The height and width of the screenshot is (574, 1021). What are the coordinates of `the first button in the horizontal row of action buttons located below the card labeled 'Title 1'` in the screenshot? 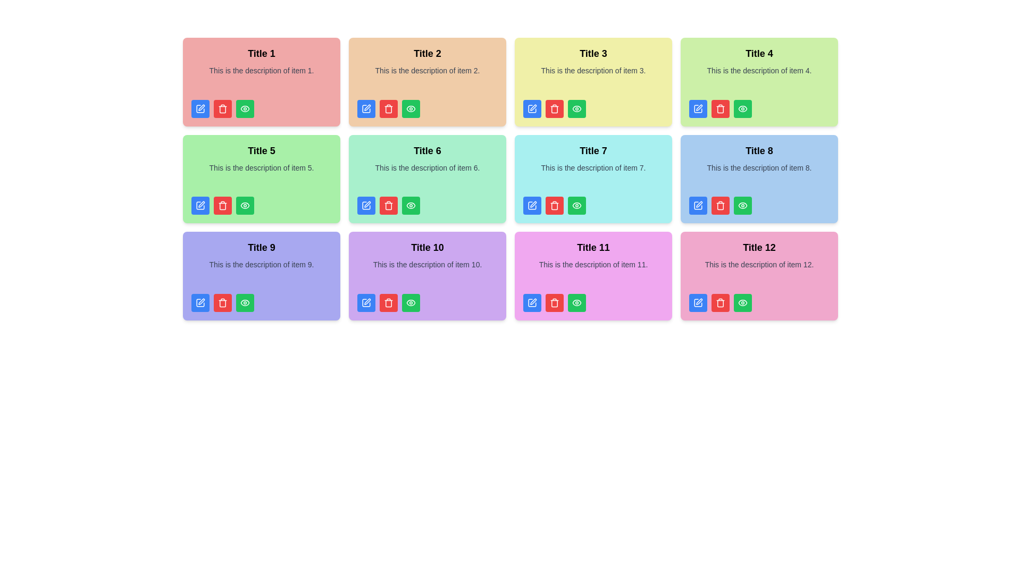 It's located at (200, 108).